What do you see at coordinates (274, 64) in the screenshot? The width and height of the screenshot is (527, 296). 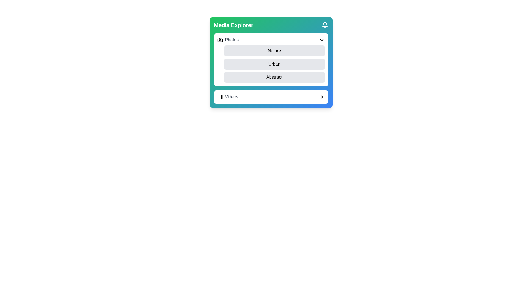 I see `the 'Urban' button, which is the second item in a vertical group of three buttons labeled 'Nature', 'Urban', and 'Abstract'` at bounding box center [274, 64].